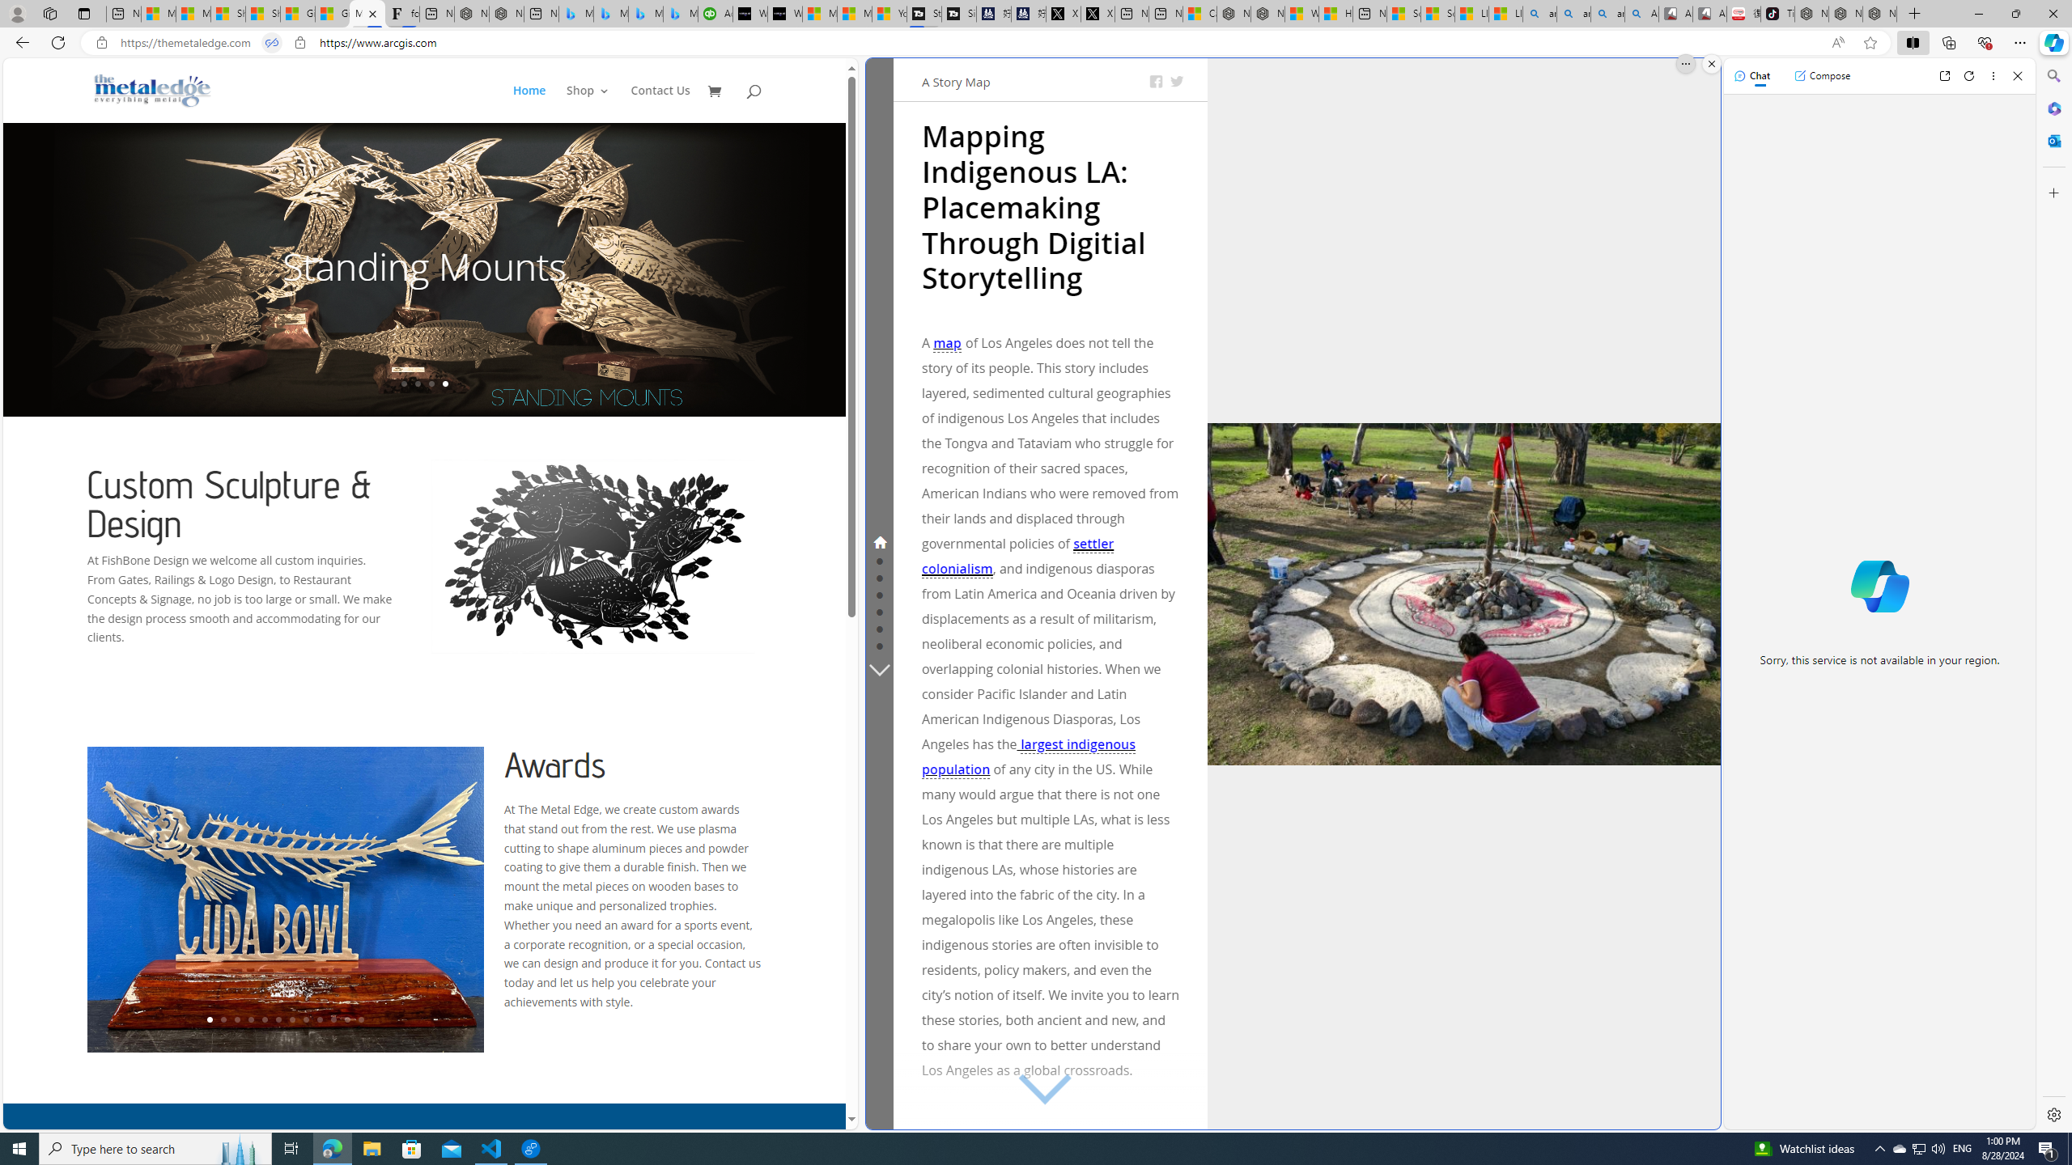 This screenshot has height=1165, width=2072. I want to click on 'amazon - Search Images', so click(1607, 13).